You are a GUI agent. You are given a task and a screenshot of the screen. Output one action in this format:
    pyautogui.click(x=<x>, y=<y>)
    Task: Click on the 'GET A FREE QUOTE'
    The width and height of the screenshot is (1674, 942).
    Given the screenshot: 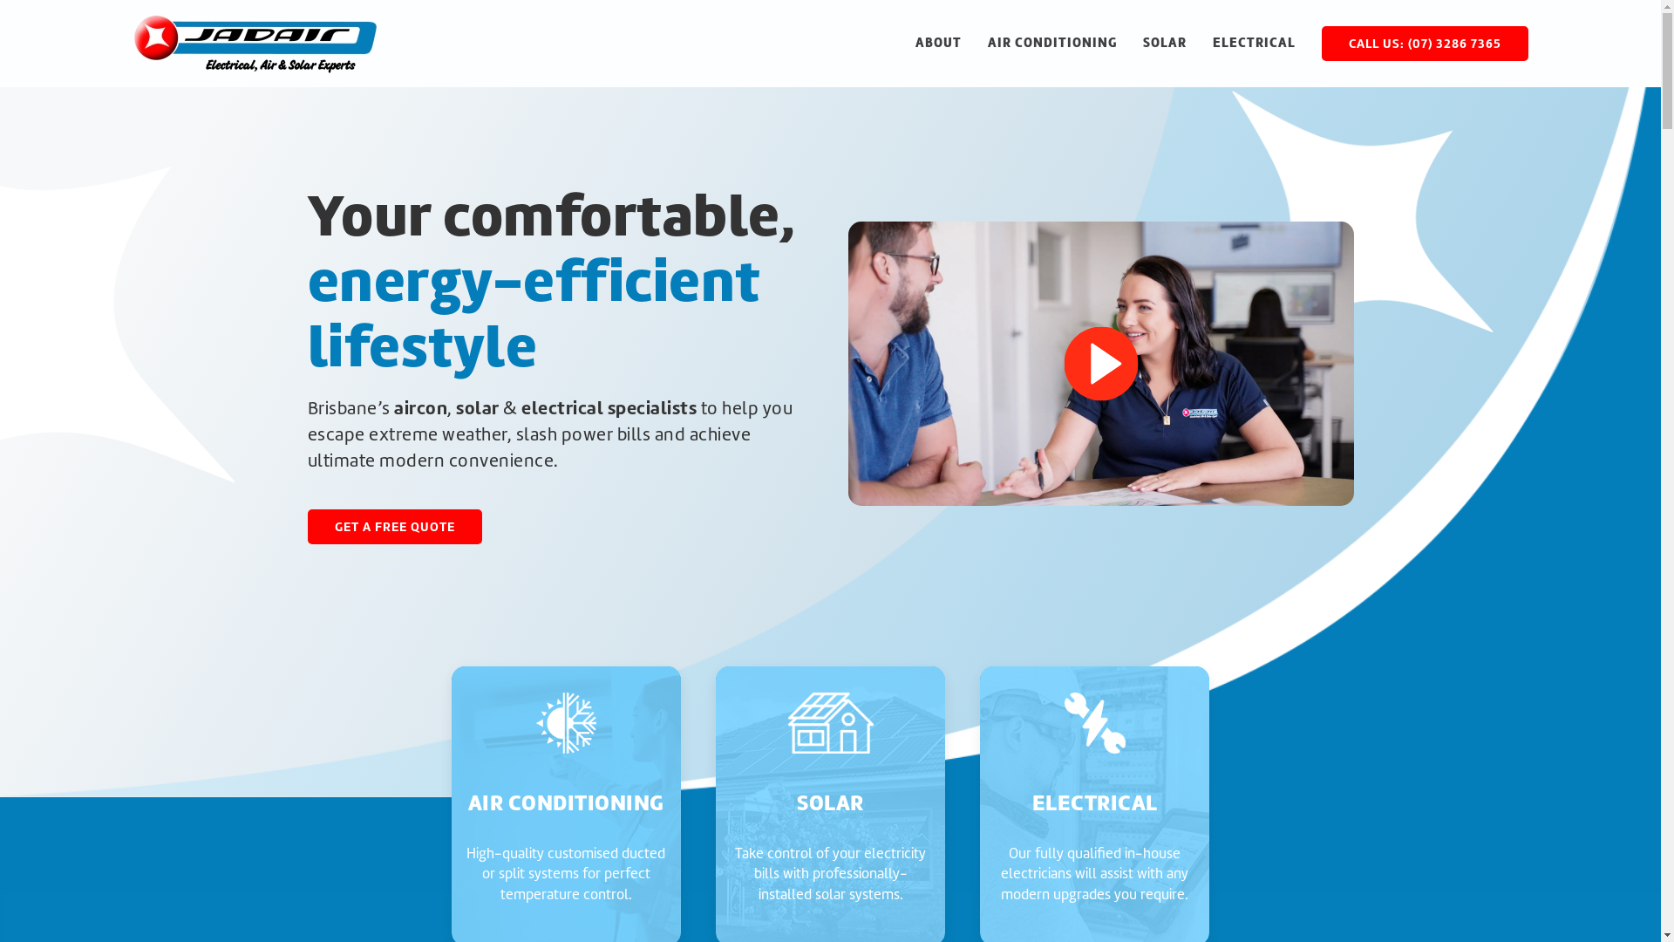 What is the action you would take?
    pyautogui.click(x=392, y=526)
    